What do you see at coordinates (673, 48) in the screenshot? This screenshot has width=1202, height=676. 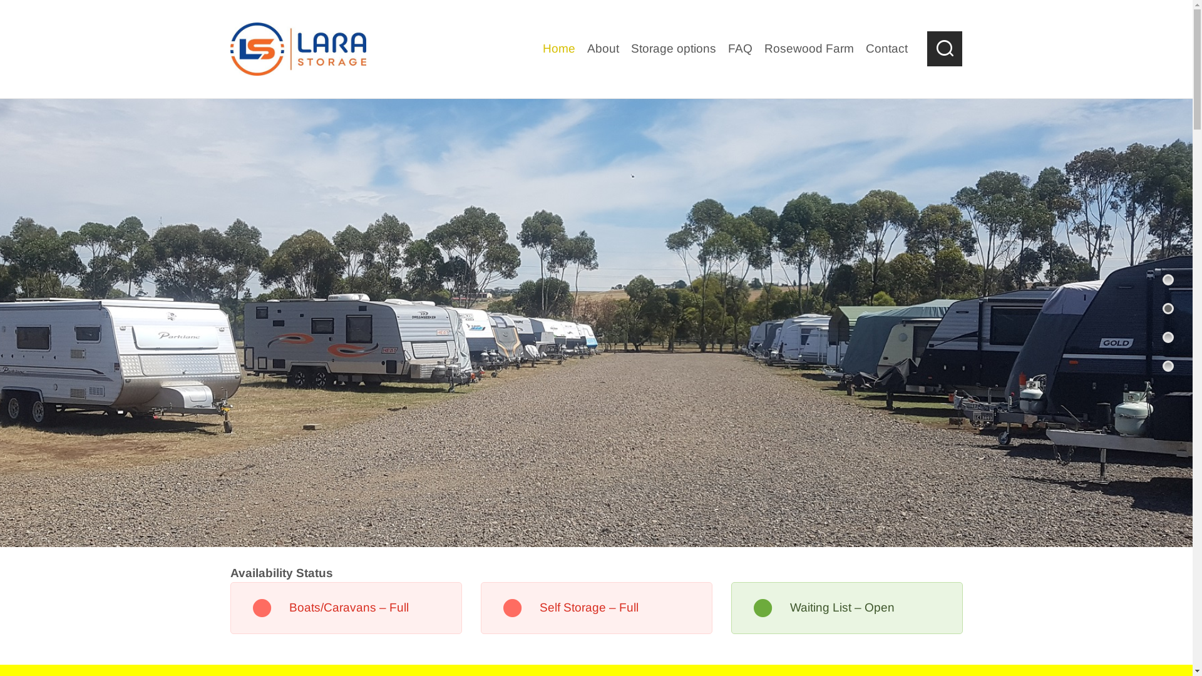 I see `'Storage options'` at bounding box center [673, 48].